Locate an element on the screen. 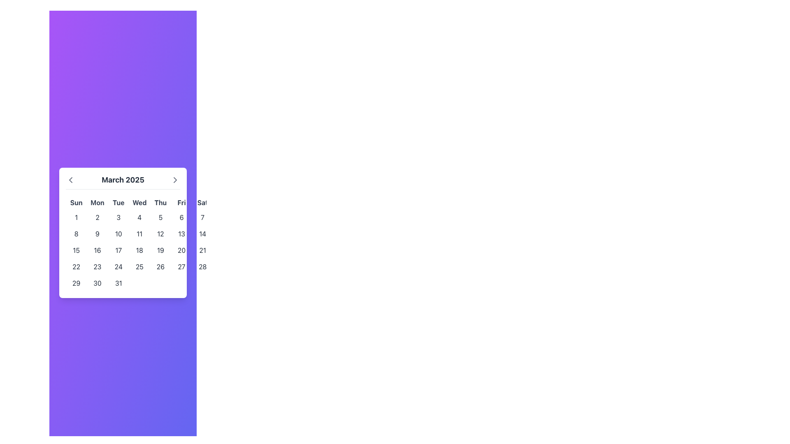 Image resolution: width=790 pixels, height=444 pixels. the specific number in the row of calendar dates (22 to 28) is located at coordinates (139, 266).